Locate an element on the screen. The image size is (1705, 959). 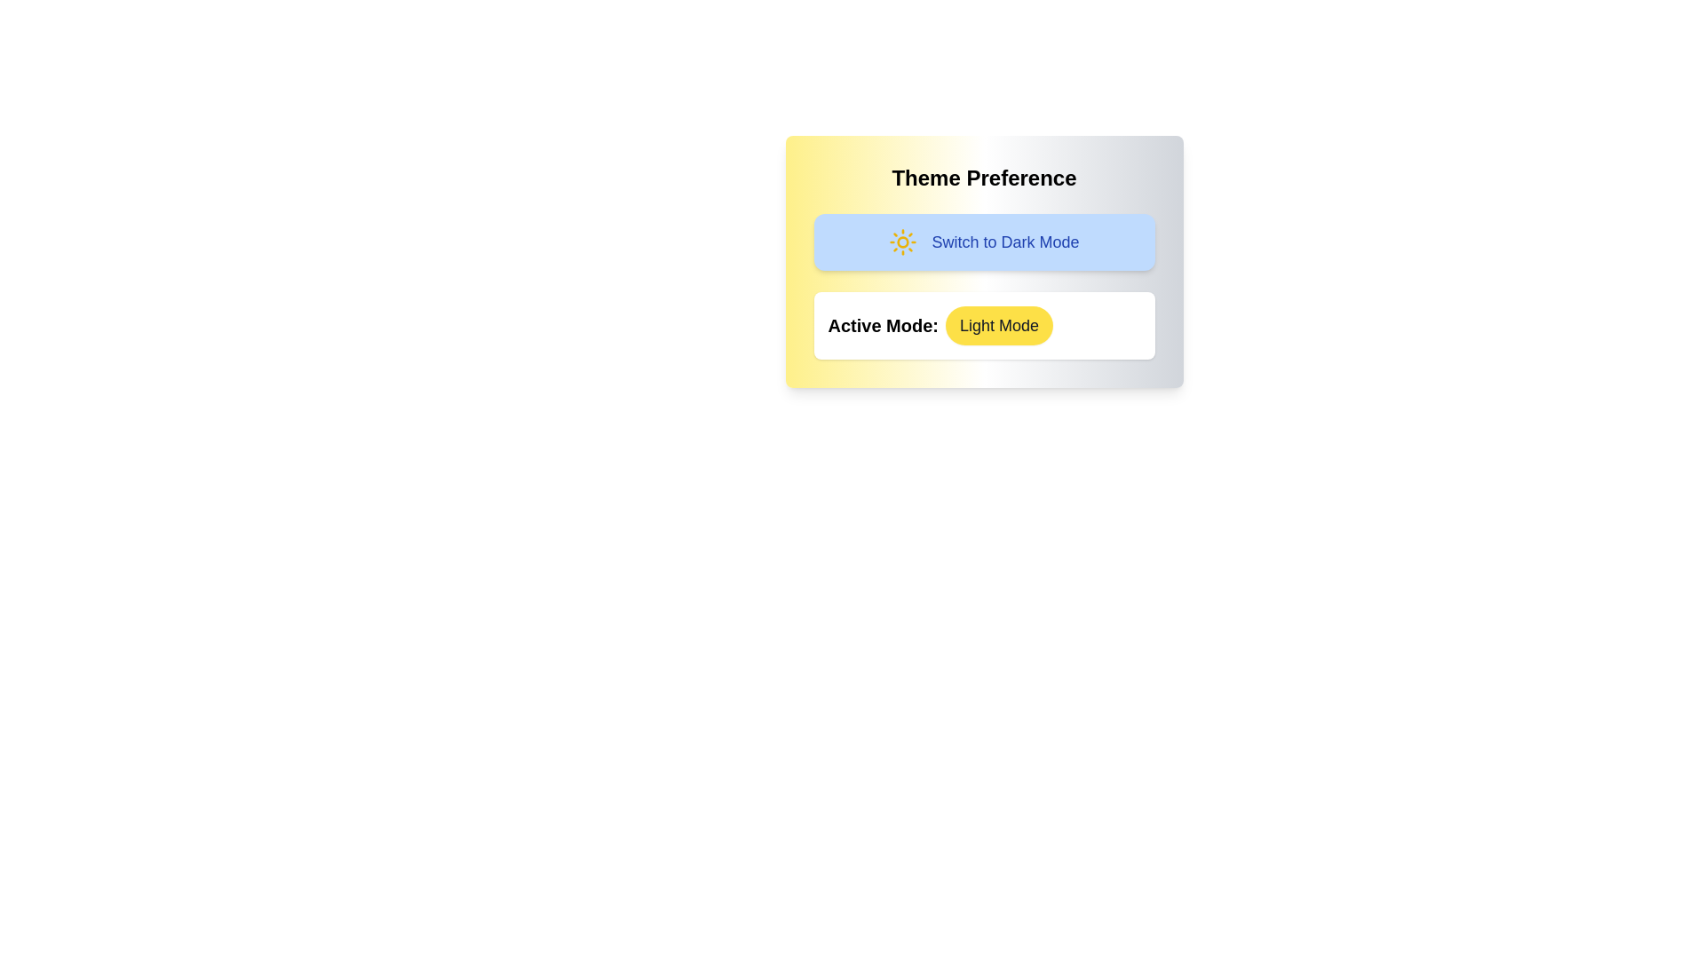
text from the modal panel that allows users to modify display theme settings, indicating the current active mode and offering an action button to switch to the alternate mode is located at coordinates (983, 321).